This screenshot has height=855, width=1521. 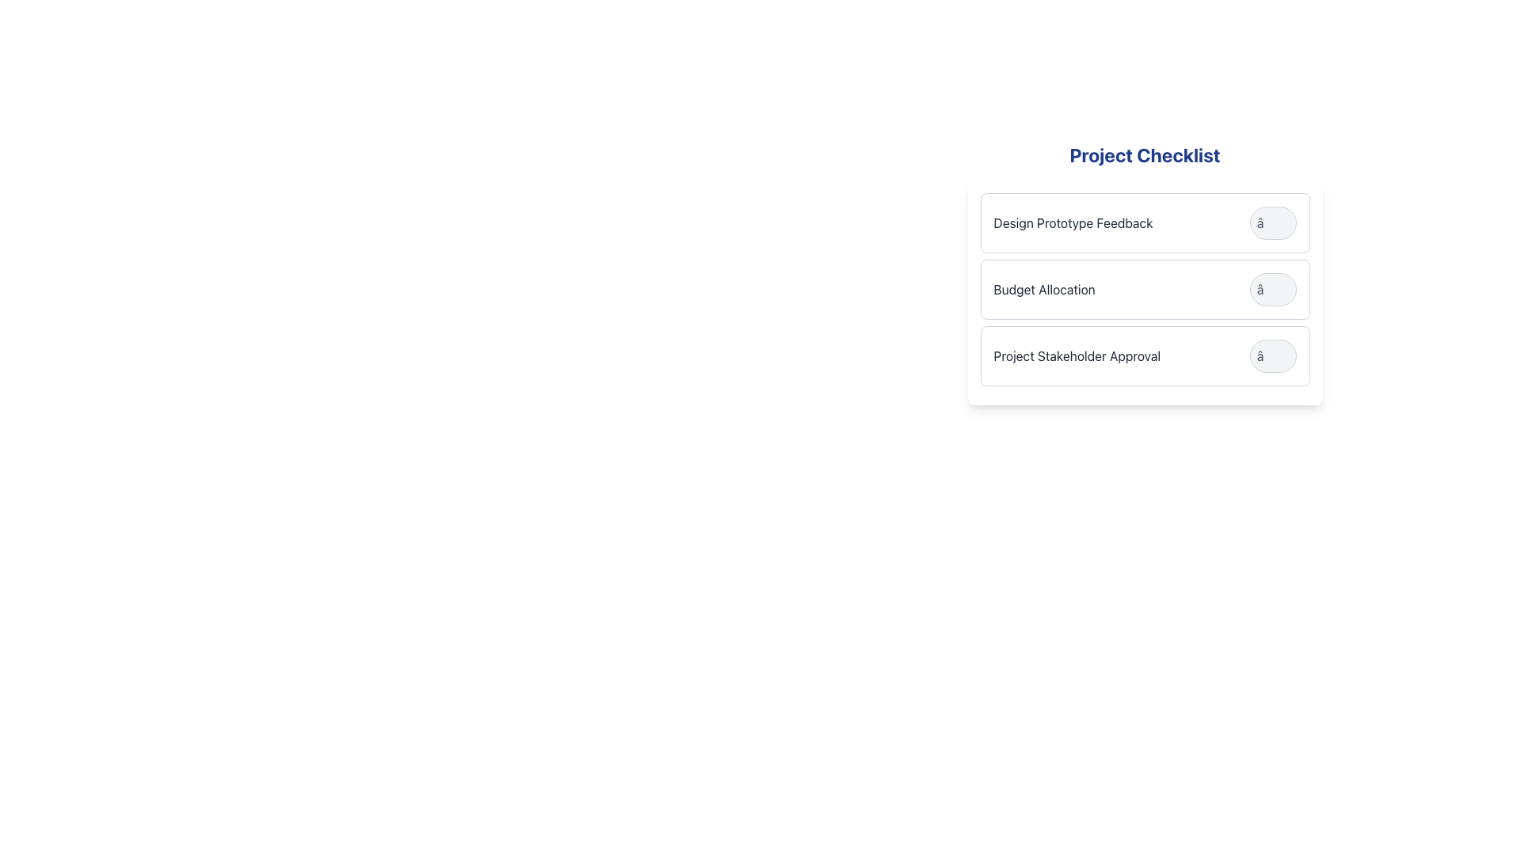 What do you see at coordinates (1145, 293) in the screenshot?
I see `the second row of the interactive checklist titled 'Project Checklist'` at bounding box center [1145, 293].